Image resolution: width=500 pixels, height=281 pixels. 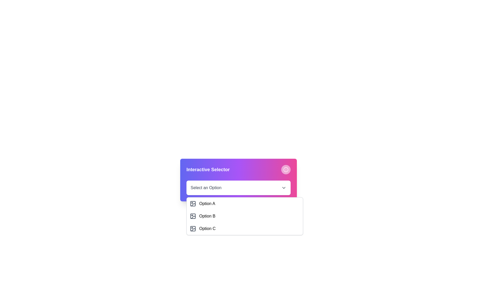 I want to click on the square icon with a minimalistic design located near the left edge of the 'Option B' list item in the dropdown menu, so click(x=192, y=216).